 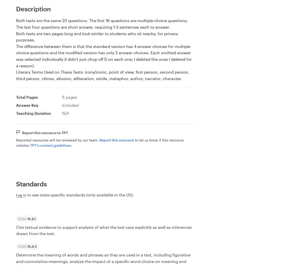 What do you see at coordinates (57, 140) in the screenshot?
I see `'Reported resources will be reviewed by our team.'` at bounding box center [57, 140].